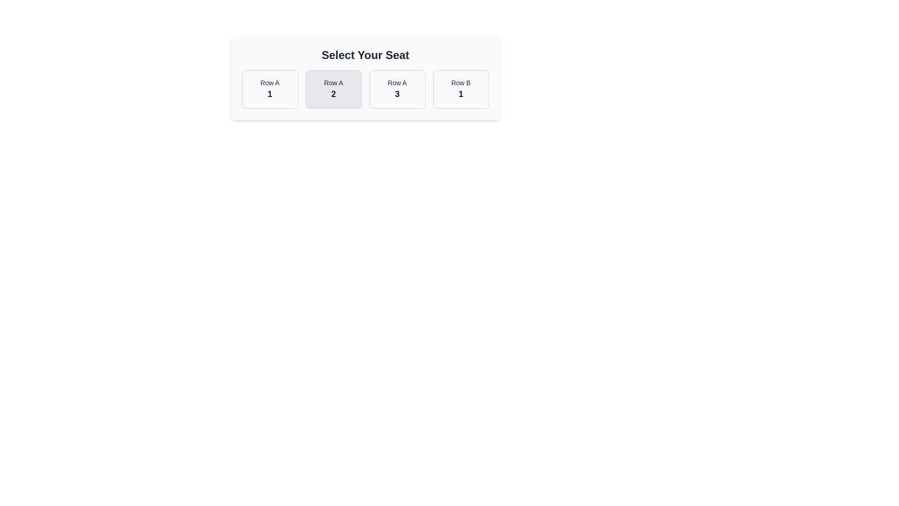 The image size is (899, 506). What do you see at coordinates (397, 94) in the screenshot?
I see `numeral displayed on the text label representing seat number 3 in row A, which is the third option from the left in the seat selection buttons` at bounding box center [397, 94].